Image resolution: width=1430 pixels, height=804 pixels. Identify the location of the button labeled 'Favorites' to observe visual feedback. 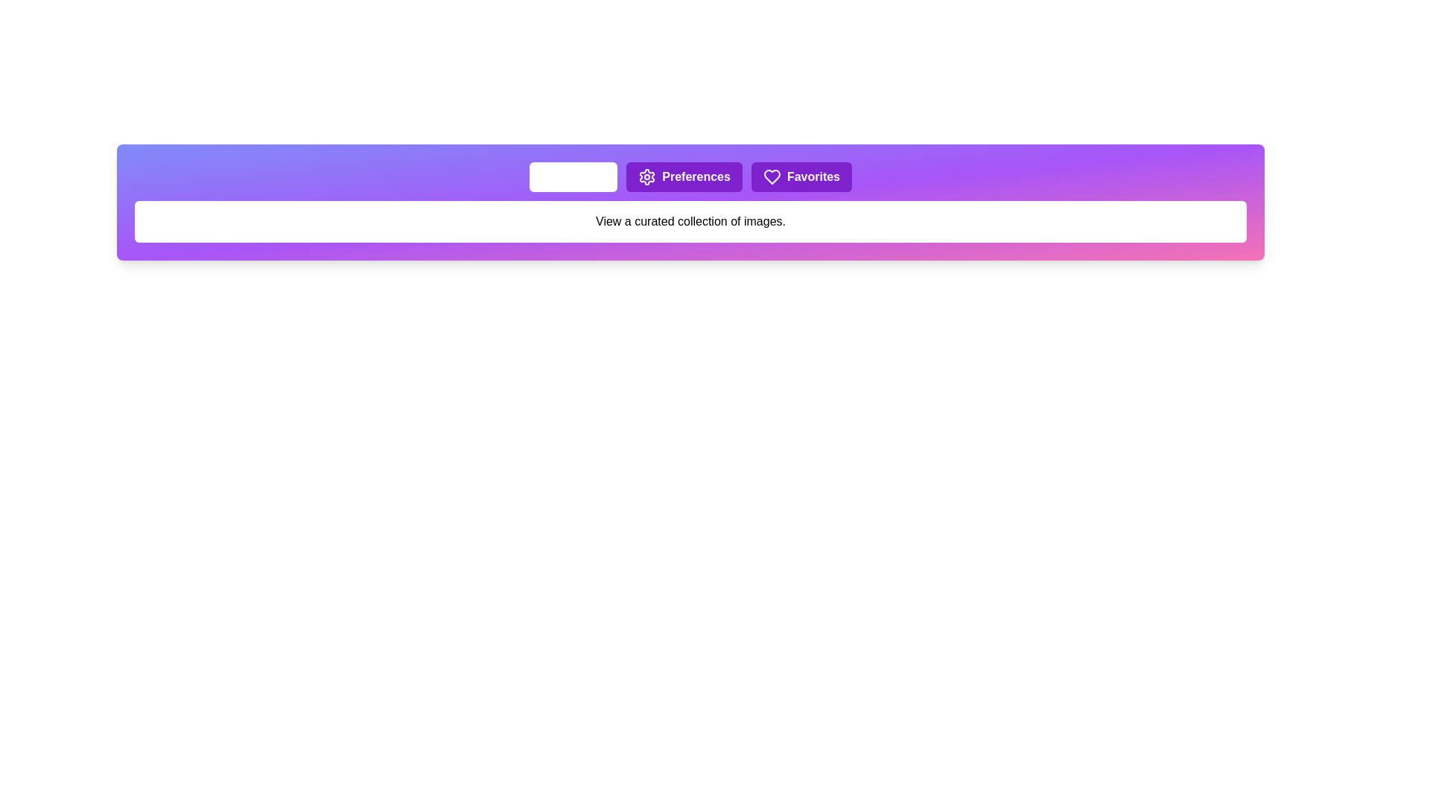
(800, 176).